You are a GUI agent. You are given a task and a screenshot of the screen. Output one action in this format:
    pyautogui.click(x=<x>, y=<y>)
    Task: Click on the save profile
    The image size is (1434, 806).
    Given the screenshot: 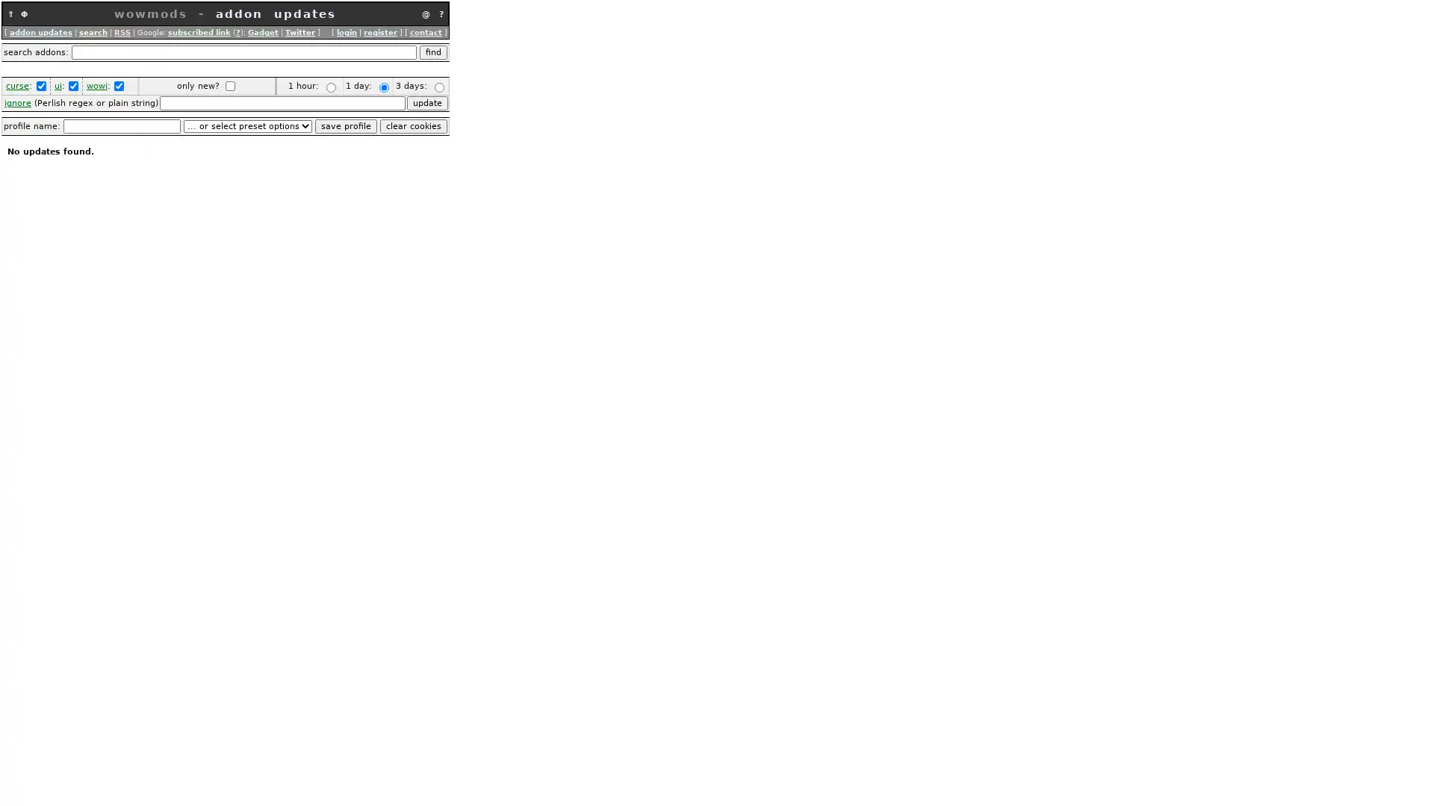 What is the action you would take?
    pyautogui.click(x=345, y=125)
    